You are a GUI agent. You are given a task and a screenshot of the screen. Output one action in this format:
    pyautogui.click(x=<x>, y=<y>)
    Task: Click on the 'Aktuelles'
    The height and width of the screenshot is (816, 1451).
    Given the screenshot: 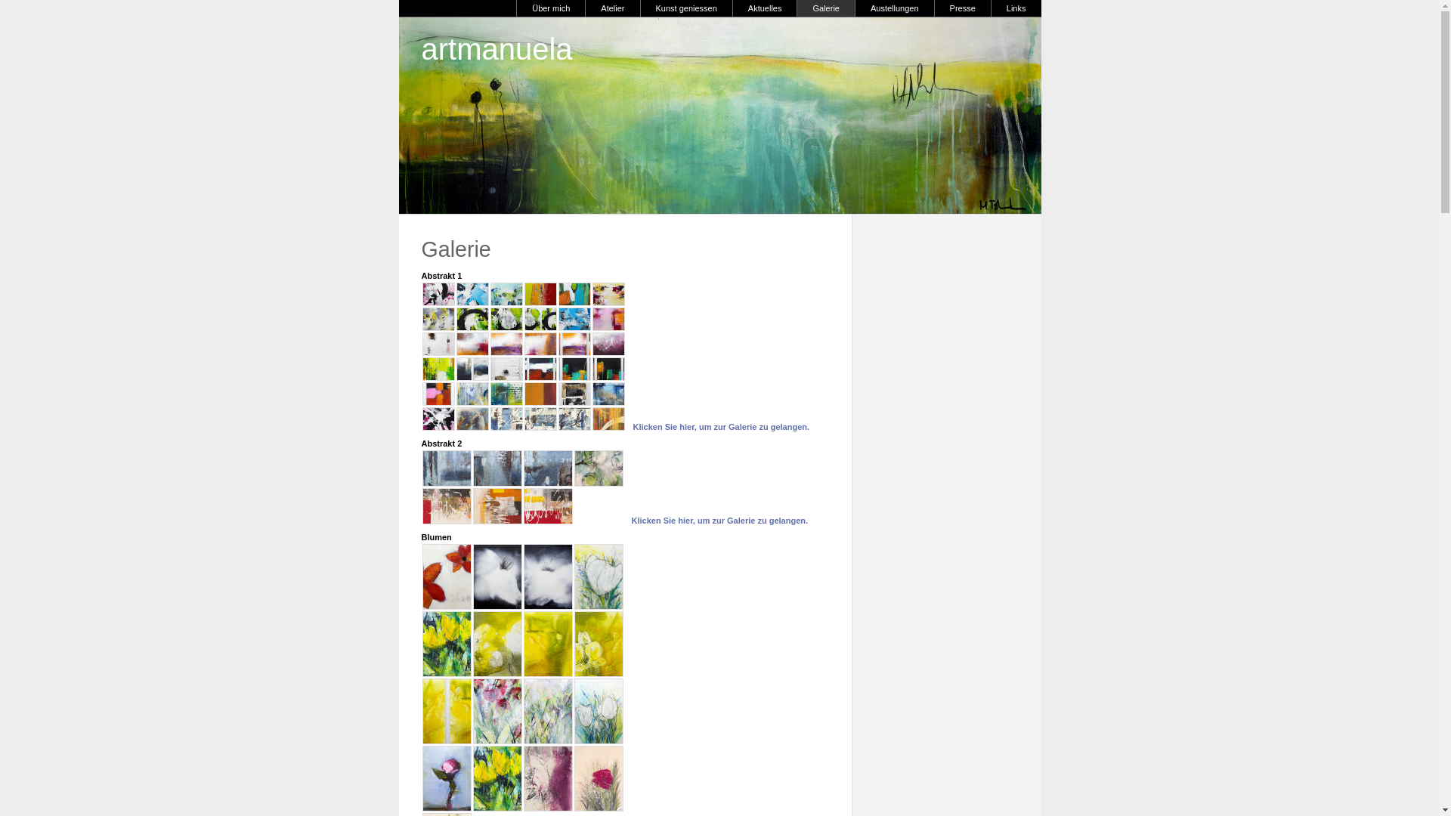 What is the action you would take?
    pyautogui.click(x=765, y=8)
    